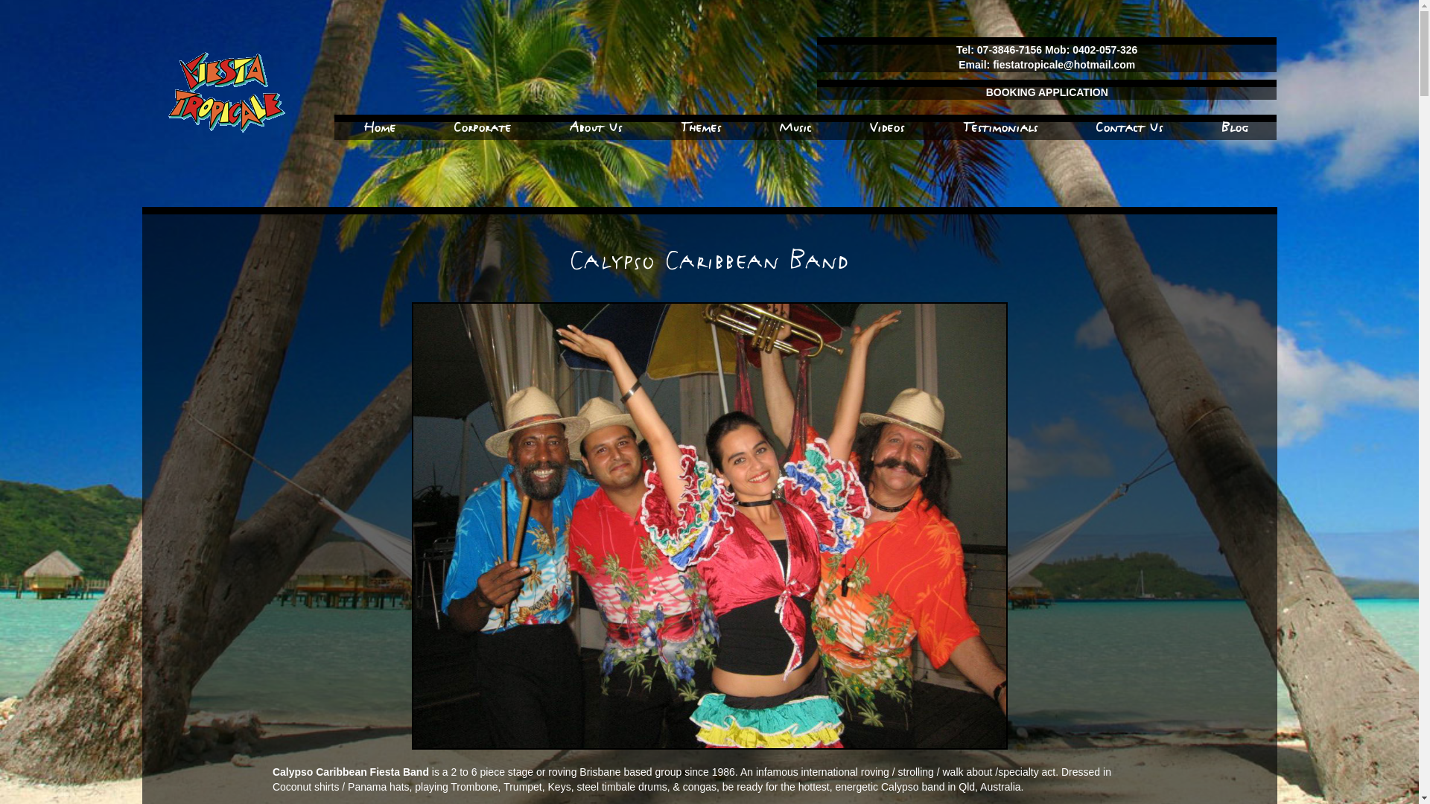 The height and width of the screenshot is (804, 1430). Describe the element at coordinates (1046, 92) in the screenshot. I see `'BOOKING APPLICATION'` at that location.